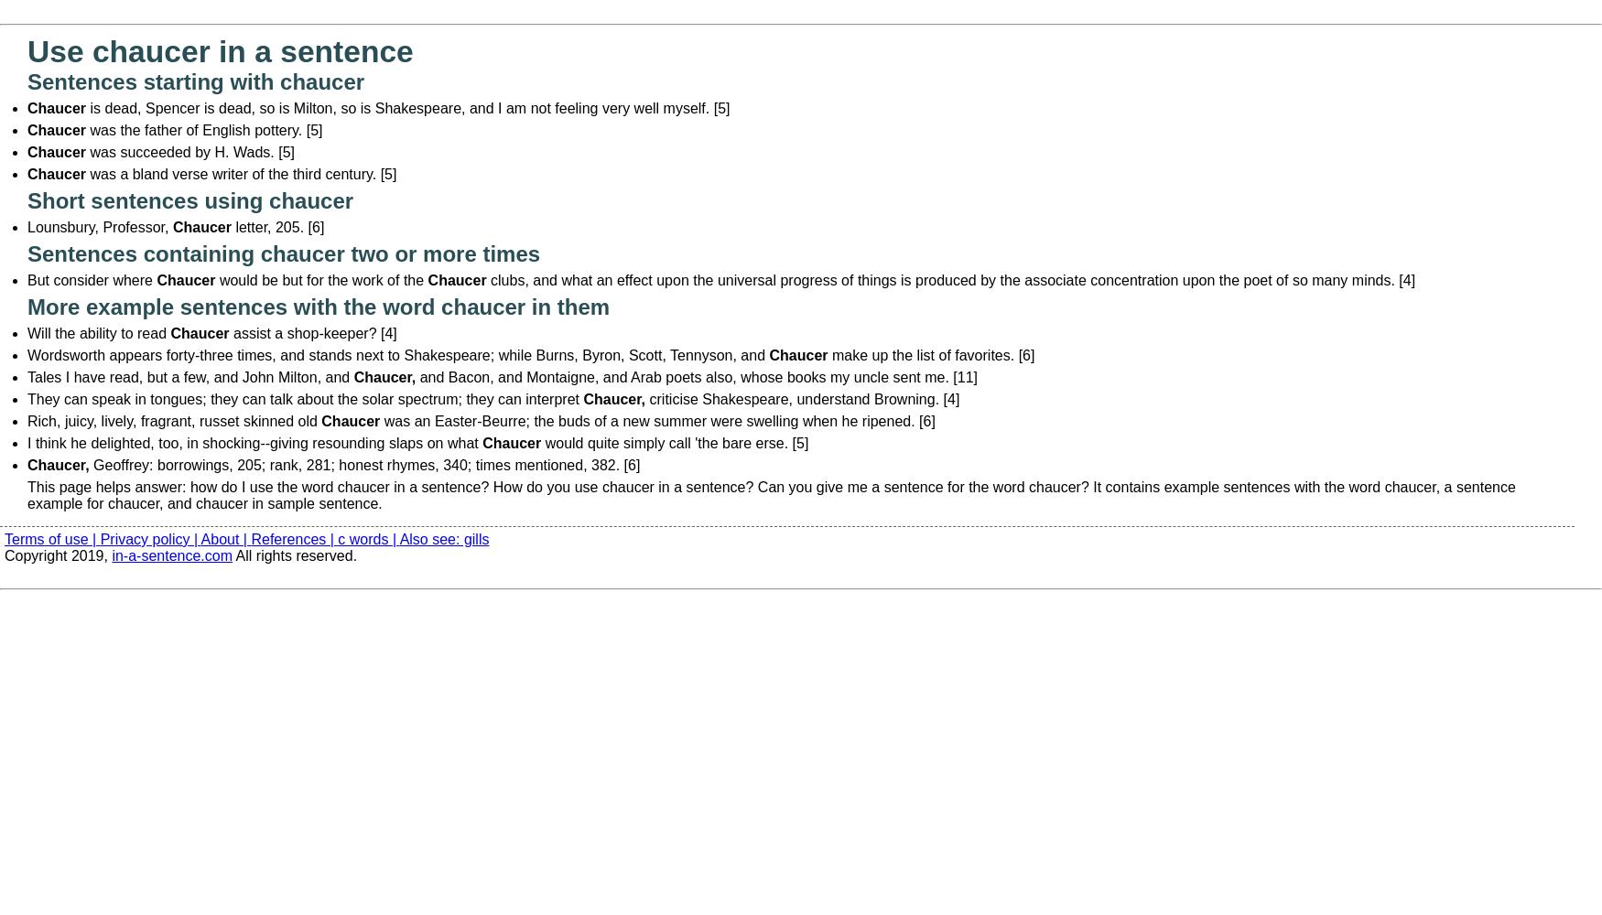 This screenshot has height=915, width=1602. What do you see at coordinates (26, 81) in the screenshot?
I see `'Sentences starting with chaucer'` at bounding box center [26, 81].